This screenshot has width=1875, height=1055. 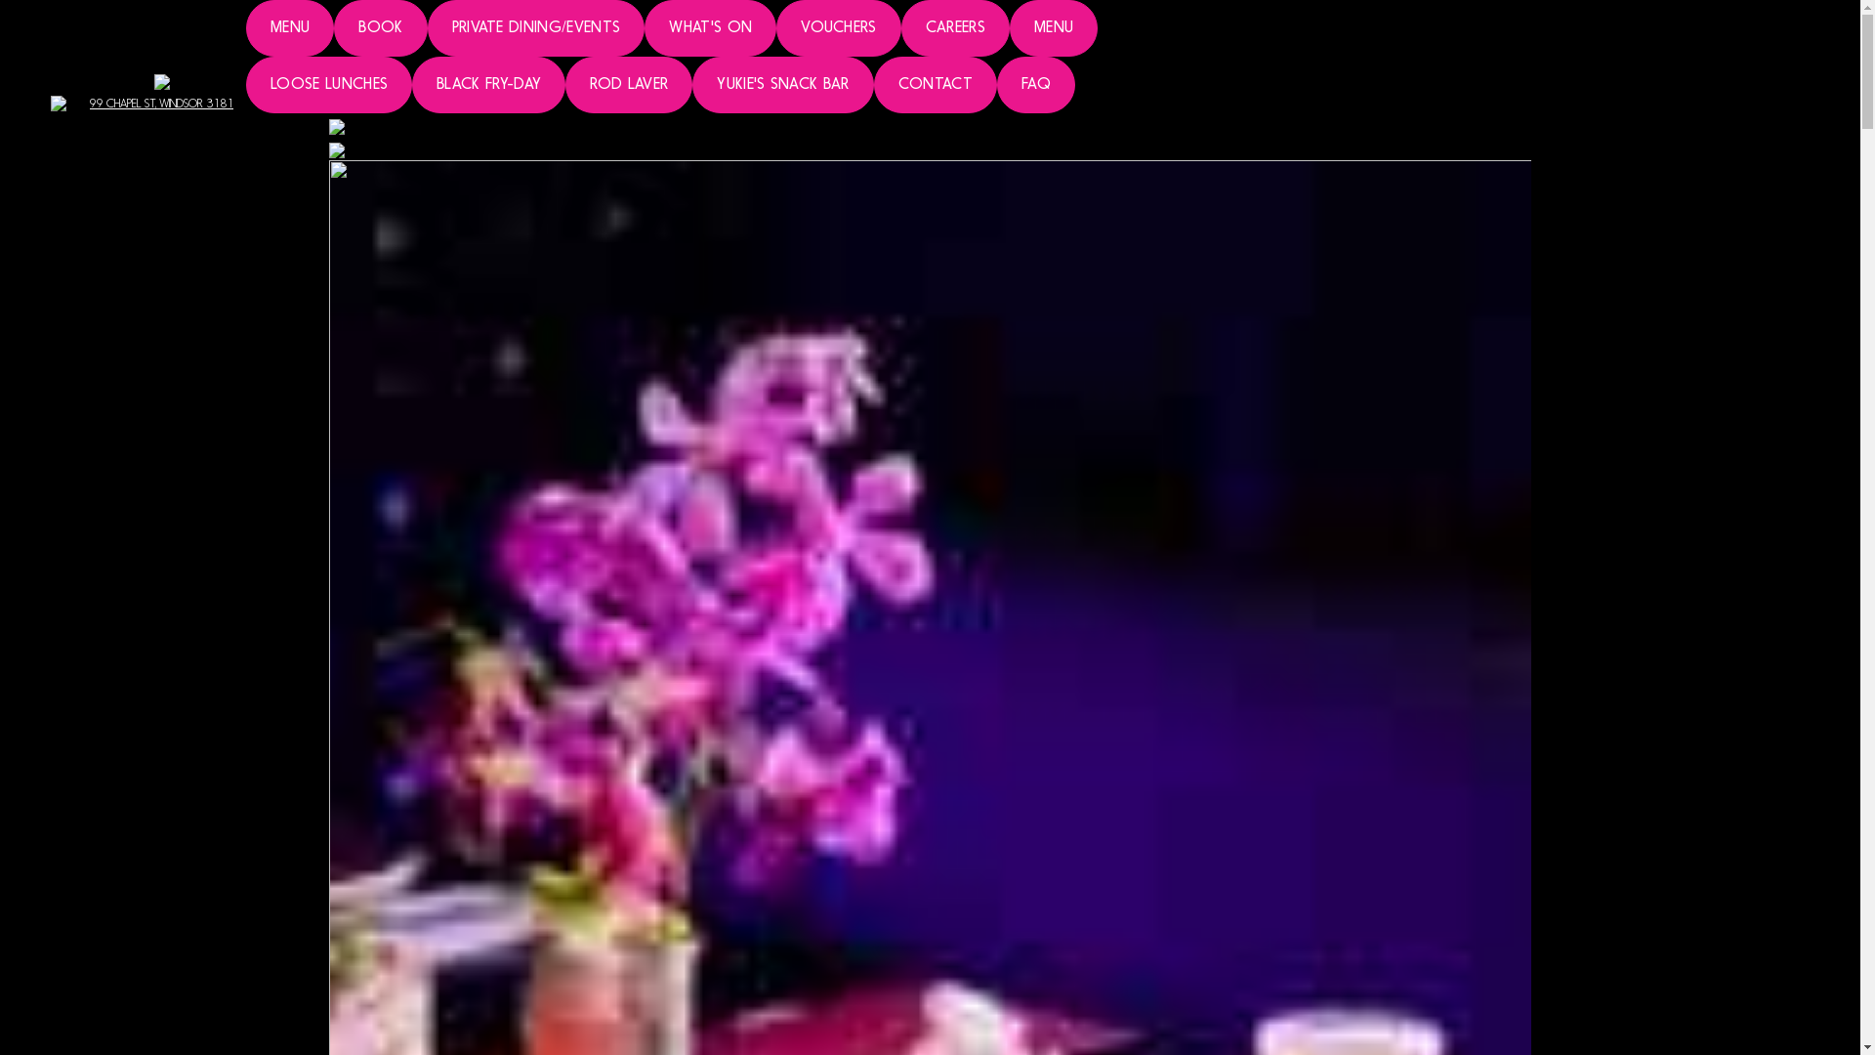 What do you see at coordinates (628, 84) in the screenshot?
I see `'ROD LAVER'` at bounding box center [628, 84].